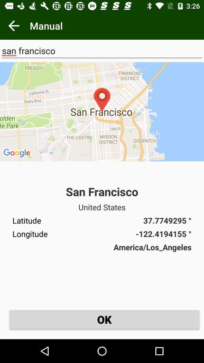 This screenshot has height=363, width=204. Describe the element at coordinates (14, 26) in the screenshot. I see `the item next to manual item` at that location.